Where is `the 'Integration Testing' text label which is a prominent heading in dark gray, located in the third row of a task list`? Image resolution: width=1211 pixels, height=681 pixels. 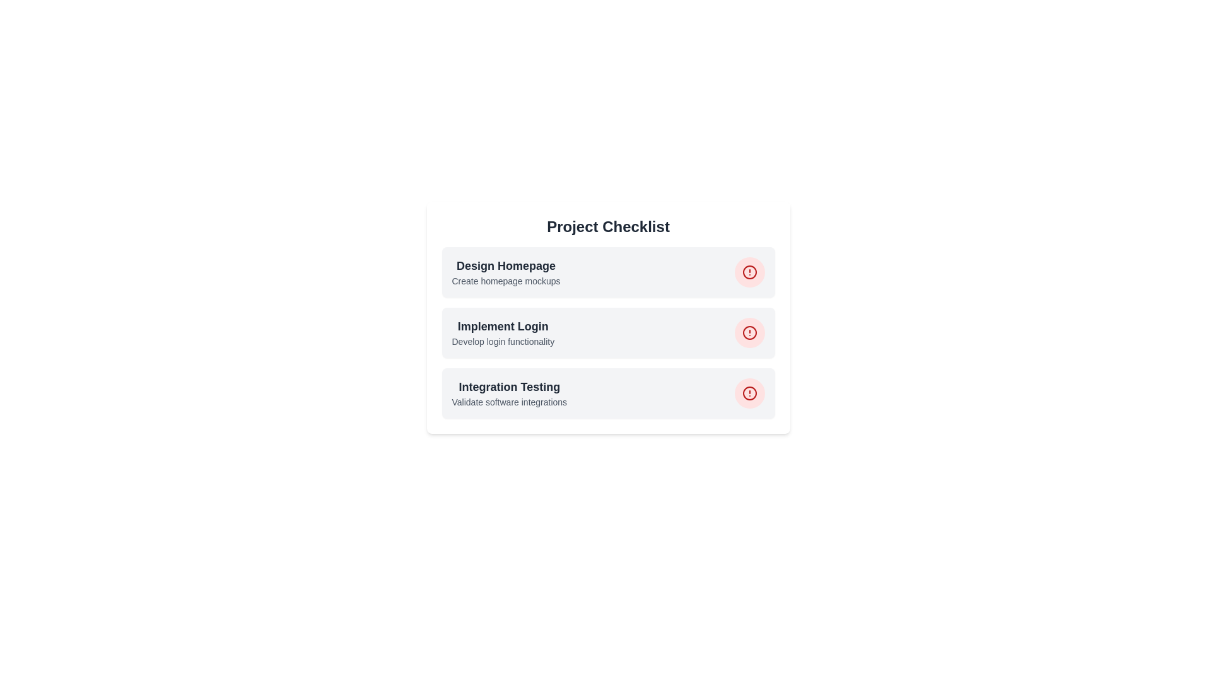
the 'Integration Testing' text label which is a prominent heading in dark gray, located in the third row of a task list is located at coordinates (509, 386).